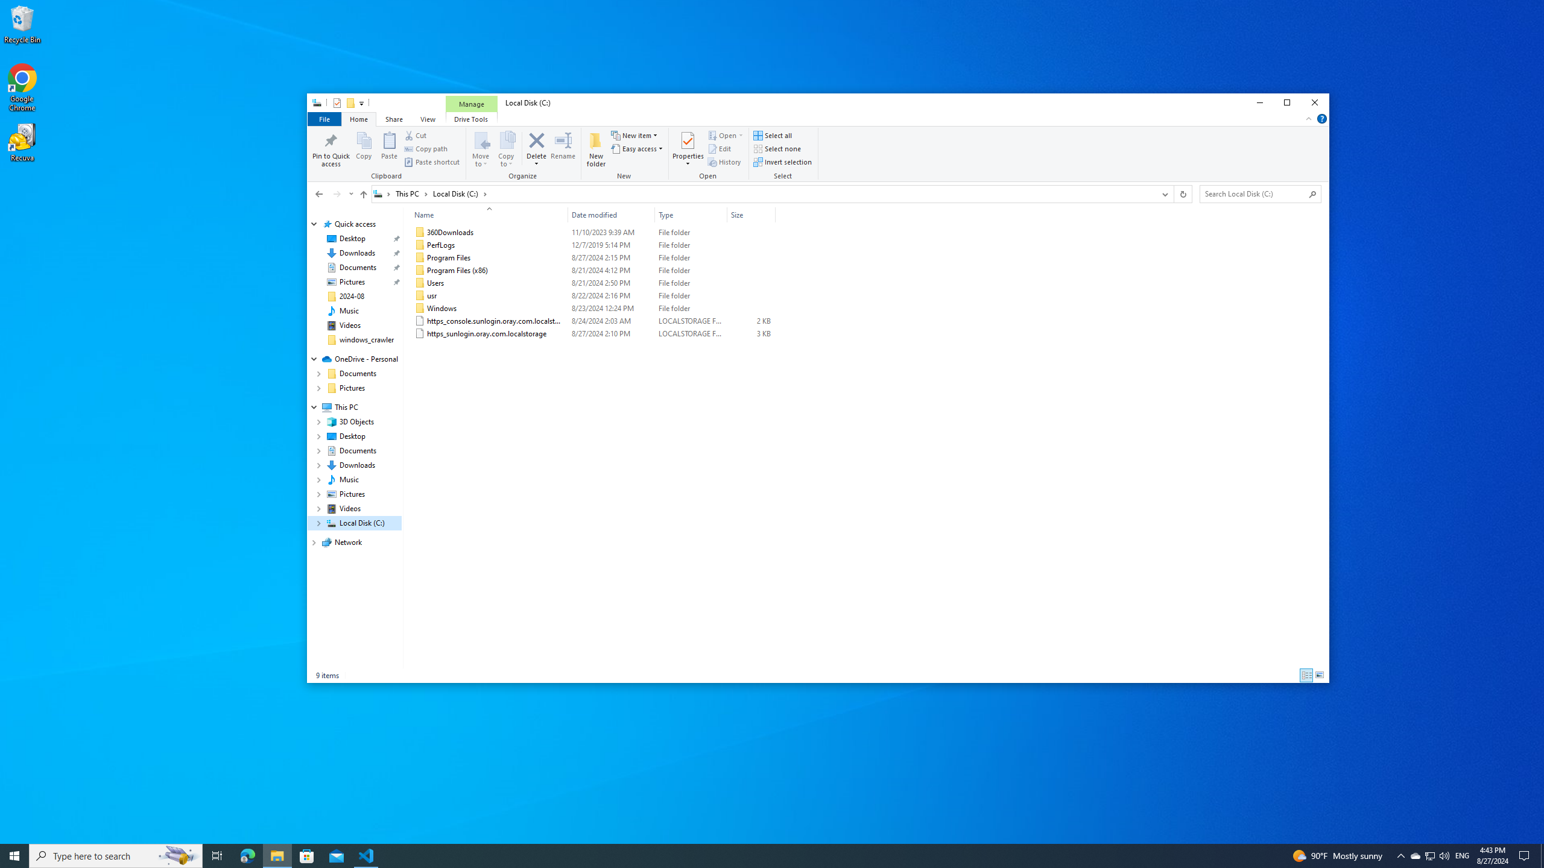 This screenshot has width=1544, height=868. Describe the element at coordinates (382, 193) in the screenshot. I see `'All locations'` at that location.